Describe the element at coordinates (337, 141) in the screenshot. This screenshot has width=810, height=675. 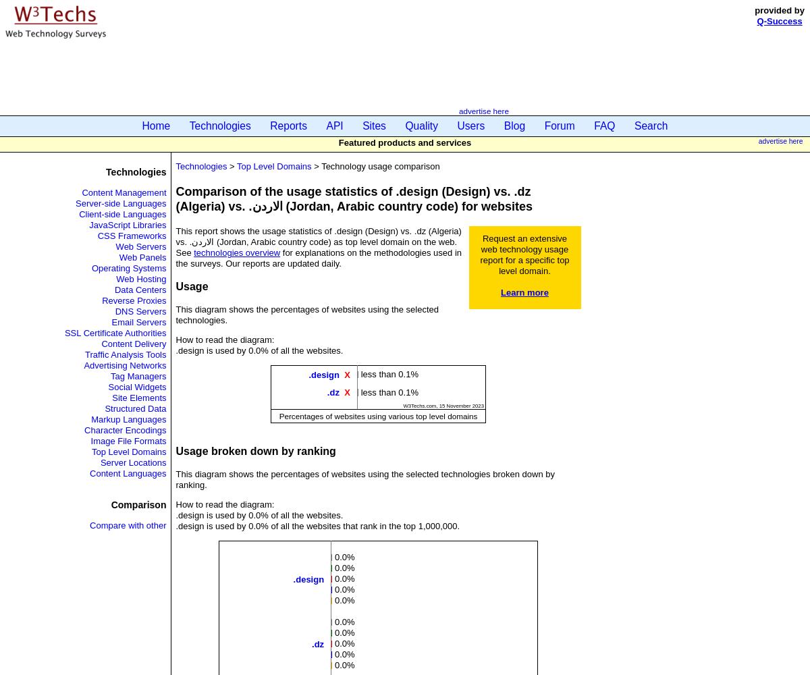
I see `'Featured products and services'` at that location.